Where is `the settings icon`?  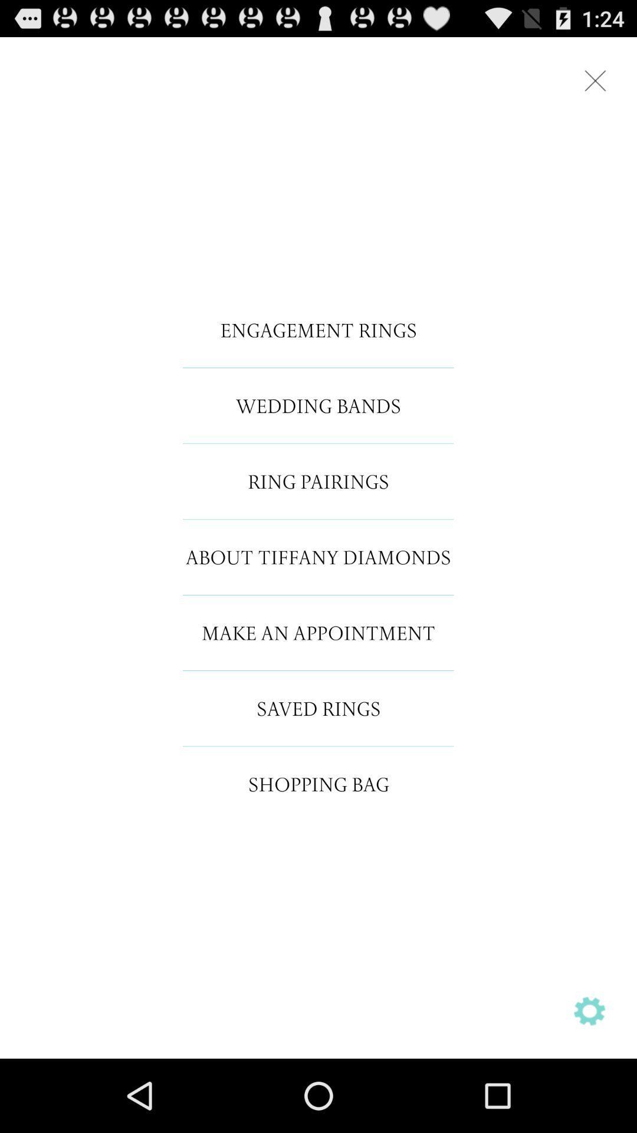
the settings icon is located at coordinates (582, 1074).